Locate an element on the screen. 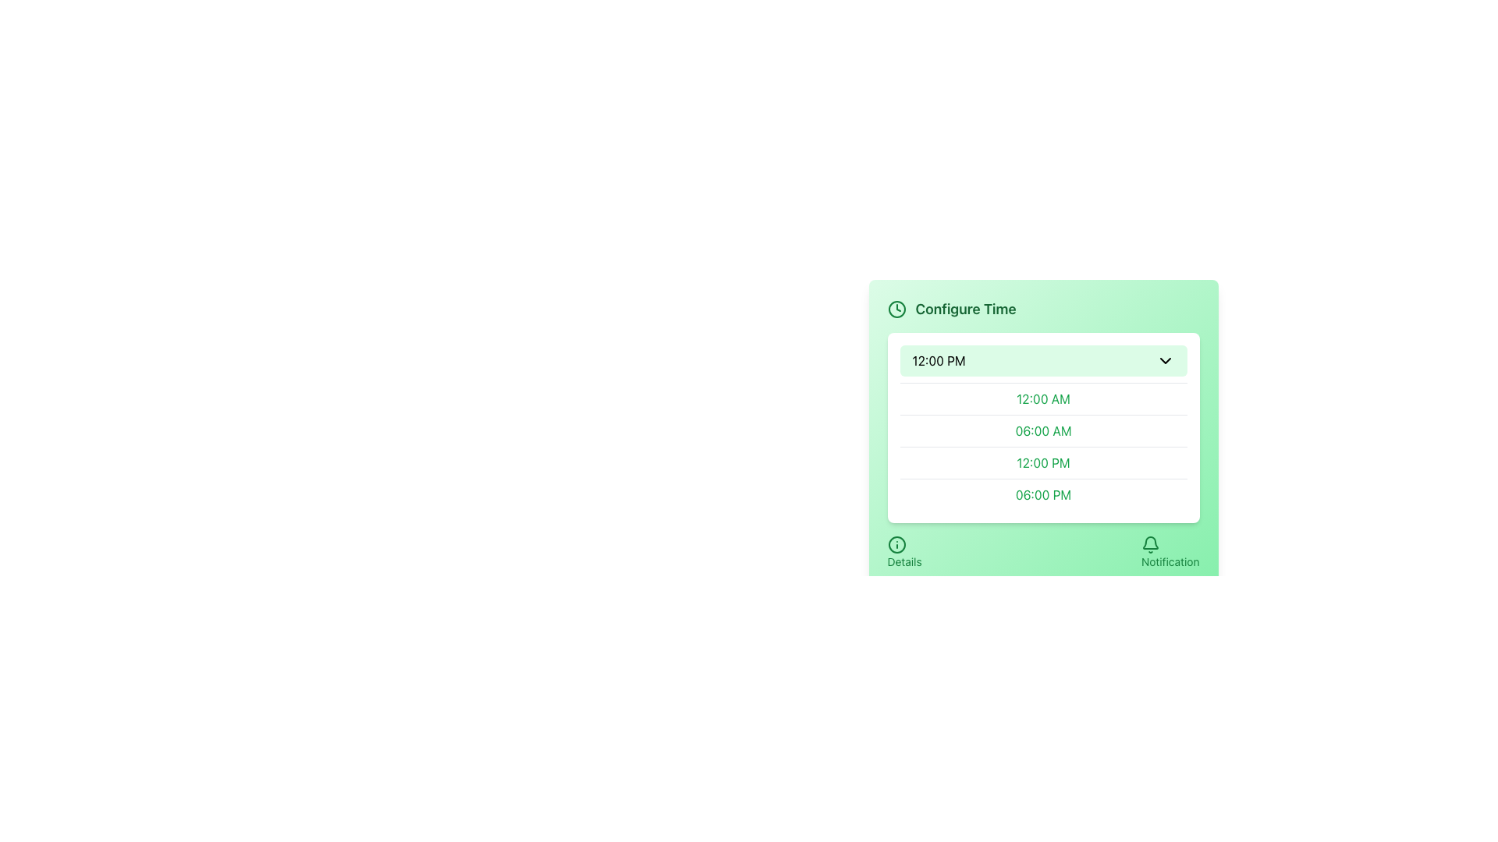 Image resolution: width=1498 pixels, height=842 pixels. the notification icon located at the bottom-right region of the light green card interface is located at coordinates (1150, 543).